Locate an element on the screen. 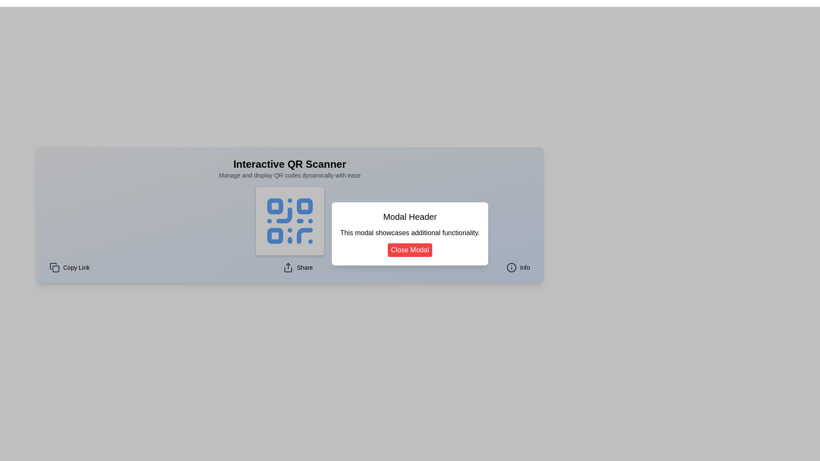 The width and height of the screenshot is (820, 461). the close button located at the bottom of the modal dialog box beneath the text 'This modal showcases additional functionality.' is located at coordinates (410, 250).